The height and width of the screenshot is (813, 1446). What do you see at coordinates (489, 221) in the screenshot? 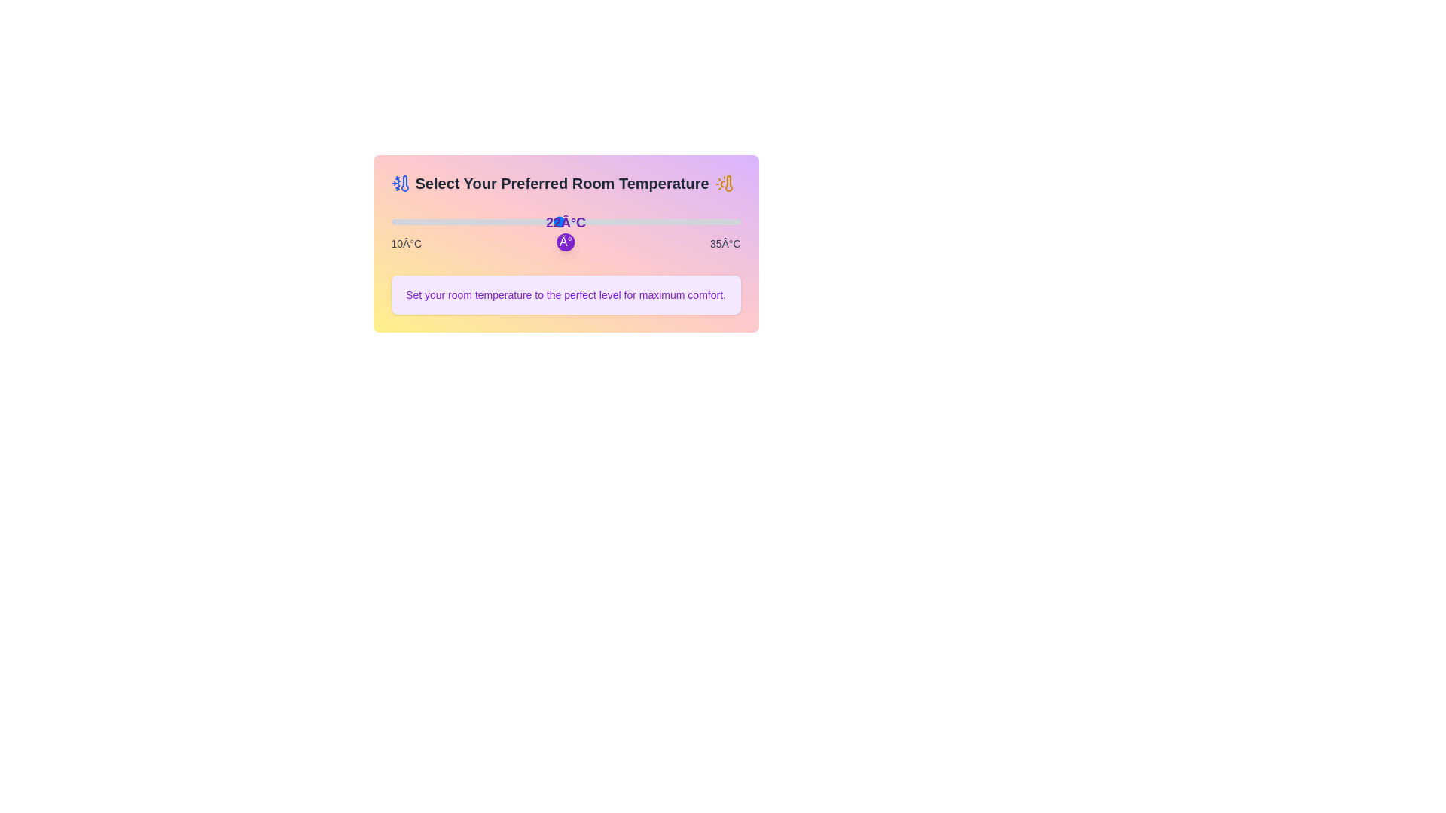
I see `the slider to a specific temperature 17 in degrees Celsius` at bounding box center [489, 221].